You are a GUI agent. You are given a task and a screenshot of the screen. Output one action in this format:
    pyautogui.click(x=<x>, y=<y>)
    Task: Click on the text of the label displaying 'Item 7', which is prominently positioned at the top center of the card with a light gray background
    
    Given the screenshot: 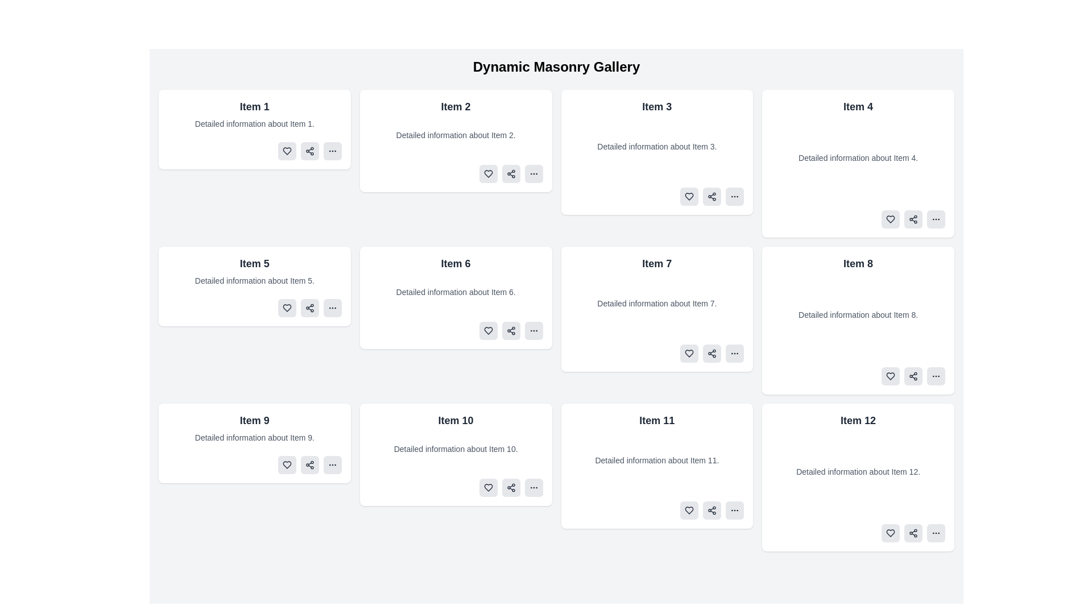 What is the action you would take?
    pyautogui.click(x=657, y=263)
    